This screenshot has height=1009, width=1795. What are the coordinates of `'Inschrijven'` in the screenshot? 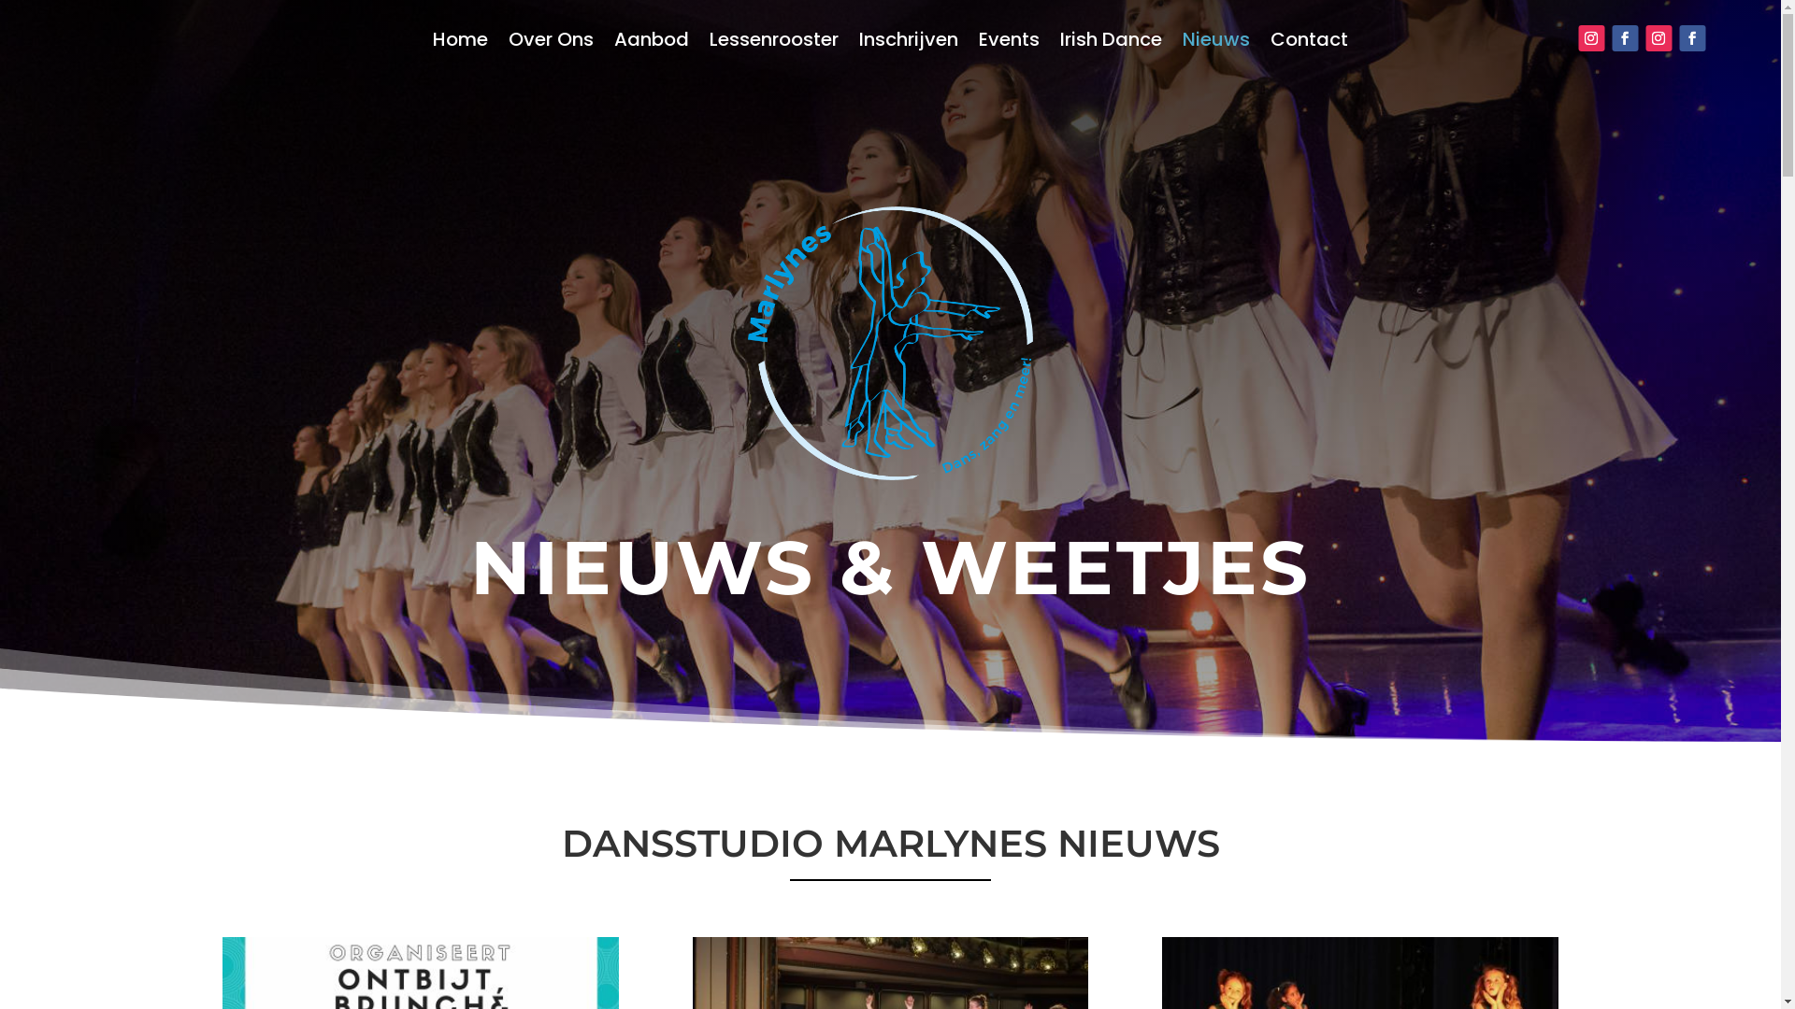 It's located at (908, 42).